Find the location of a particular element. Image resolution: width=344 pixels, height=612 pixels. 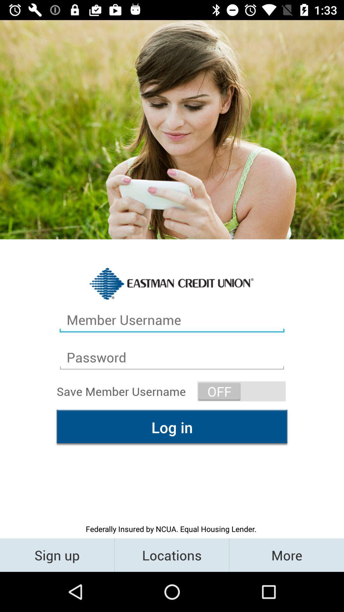

item above log in item is located at coordinates (241, 391).